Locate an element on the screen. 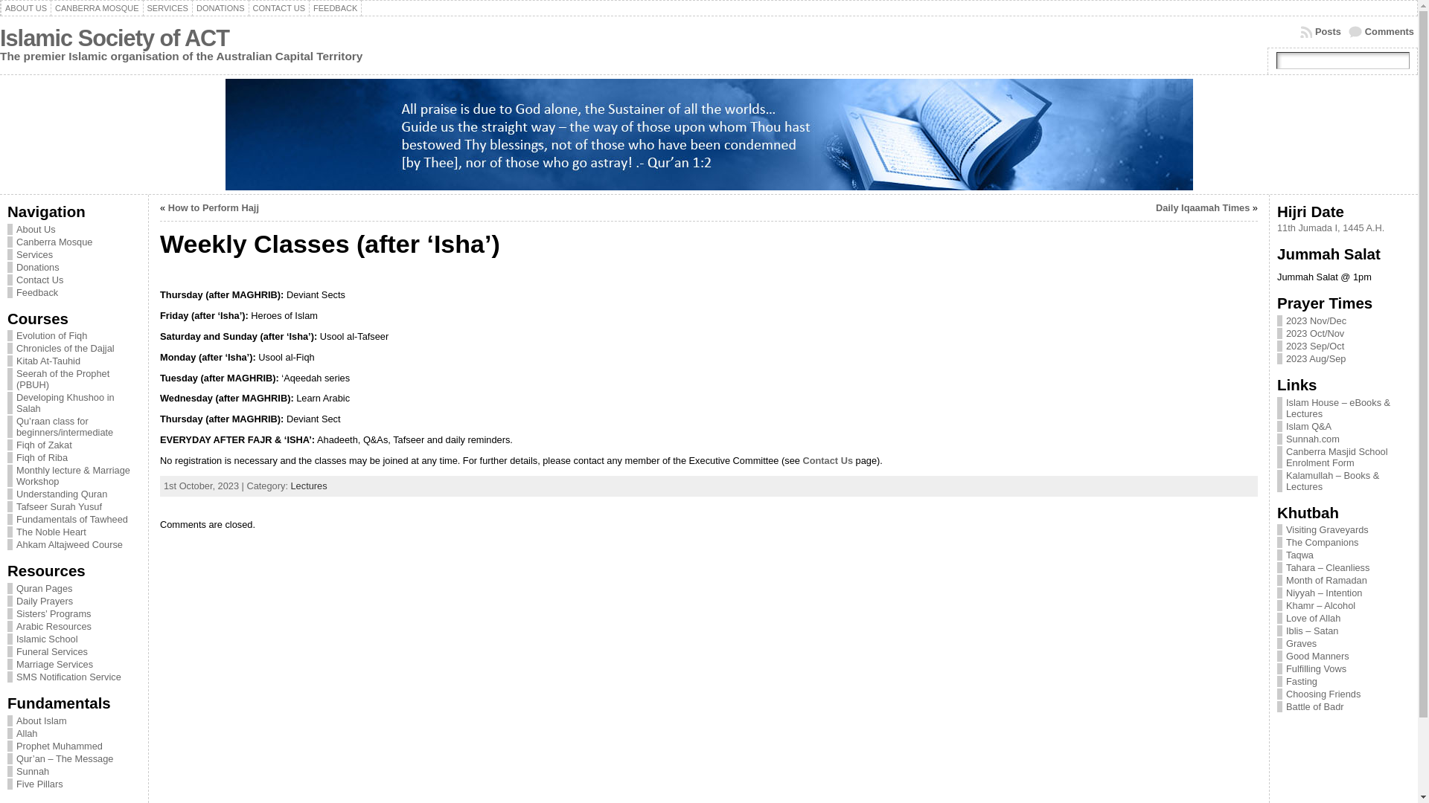 The height and width of the screenshot is (803, 1429). 'Fasting' is located at coordinates (1300, 681).